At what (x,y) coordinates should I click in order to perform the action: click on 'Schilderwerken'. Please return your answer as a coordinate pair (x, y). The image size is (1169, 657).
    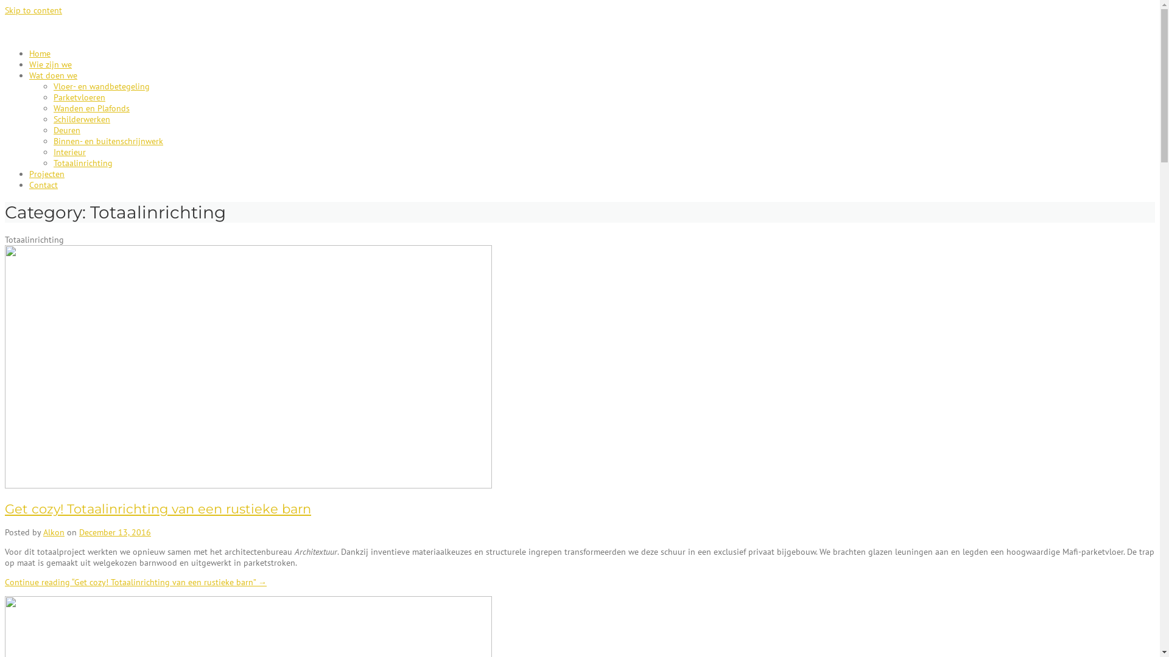
    Looking at the image, I should click on (81, 119).